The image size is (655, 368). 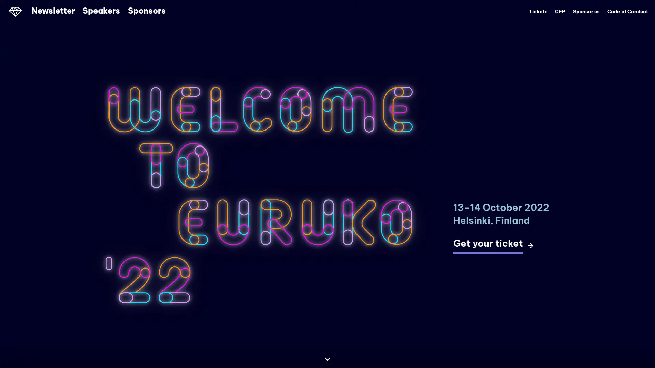 What do you see at coordinates (327, 358) in the screenshot?
I see `Continue` at bounding box center [327, 358].